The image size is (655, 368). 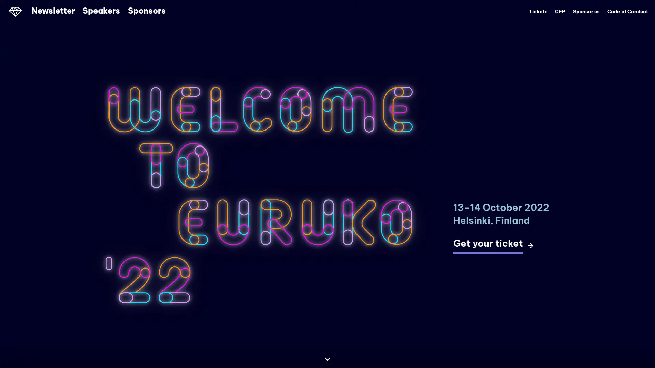 What do you see at coordinates (327, 358) in the screenshot?
I see `Continue` at bounding box center [327, 358].